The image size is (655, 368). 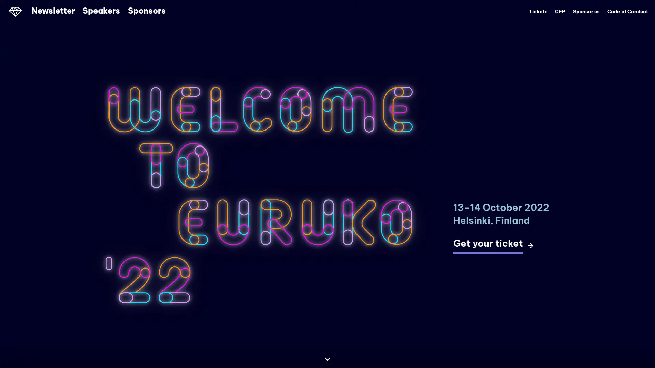 What do you see at coordinates (327, 358) in the screenshot?
I see `Continue` at bounding box center [327, 358].